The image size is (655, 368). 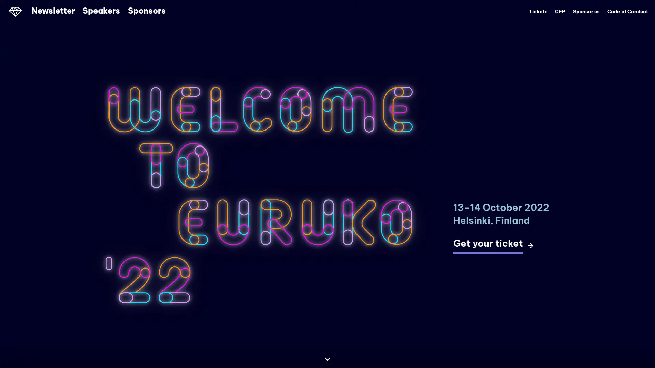 What do you see at coordinates (327, 358) in the screenshot?
I see `Continue` at bounding box center [327, 358].